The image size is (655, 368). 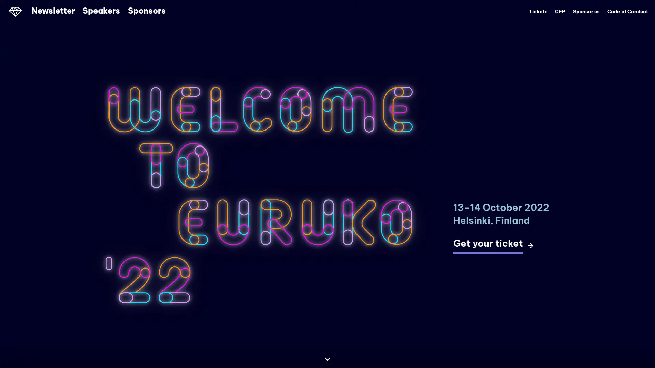 What do you see at coordinates (327, 358) in the screenshot?
I see `Continue` at bounding box center [327, 358].